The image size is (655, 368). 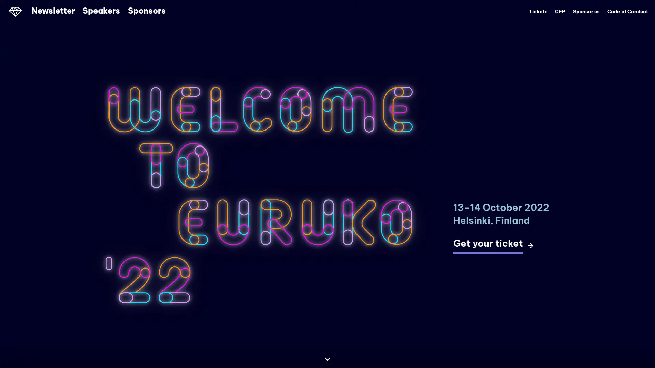 What do you see at coordinates (327, 358) in the screenshot?
I see `Continue` at bounding box center [327, 358].